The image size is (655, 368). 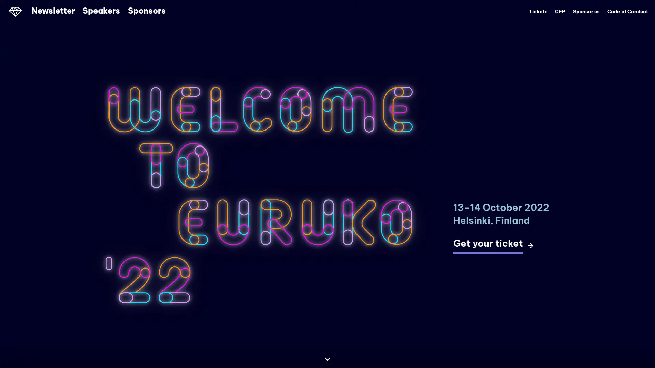 What do you see at coordinates (327, 358) in the screenshot?
I see `Continue` at bounding box center [327, 358].